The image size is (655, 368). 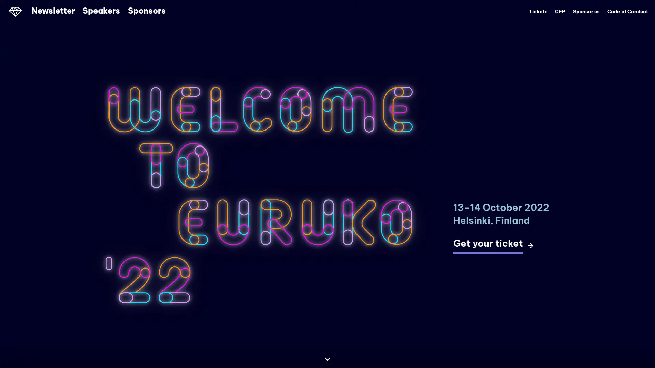 What do you see at coordinates (327, 358) in the screenshot?
I see `Continue` at bounding box center [327, 358].